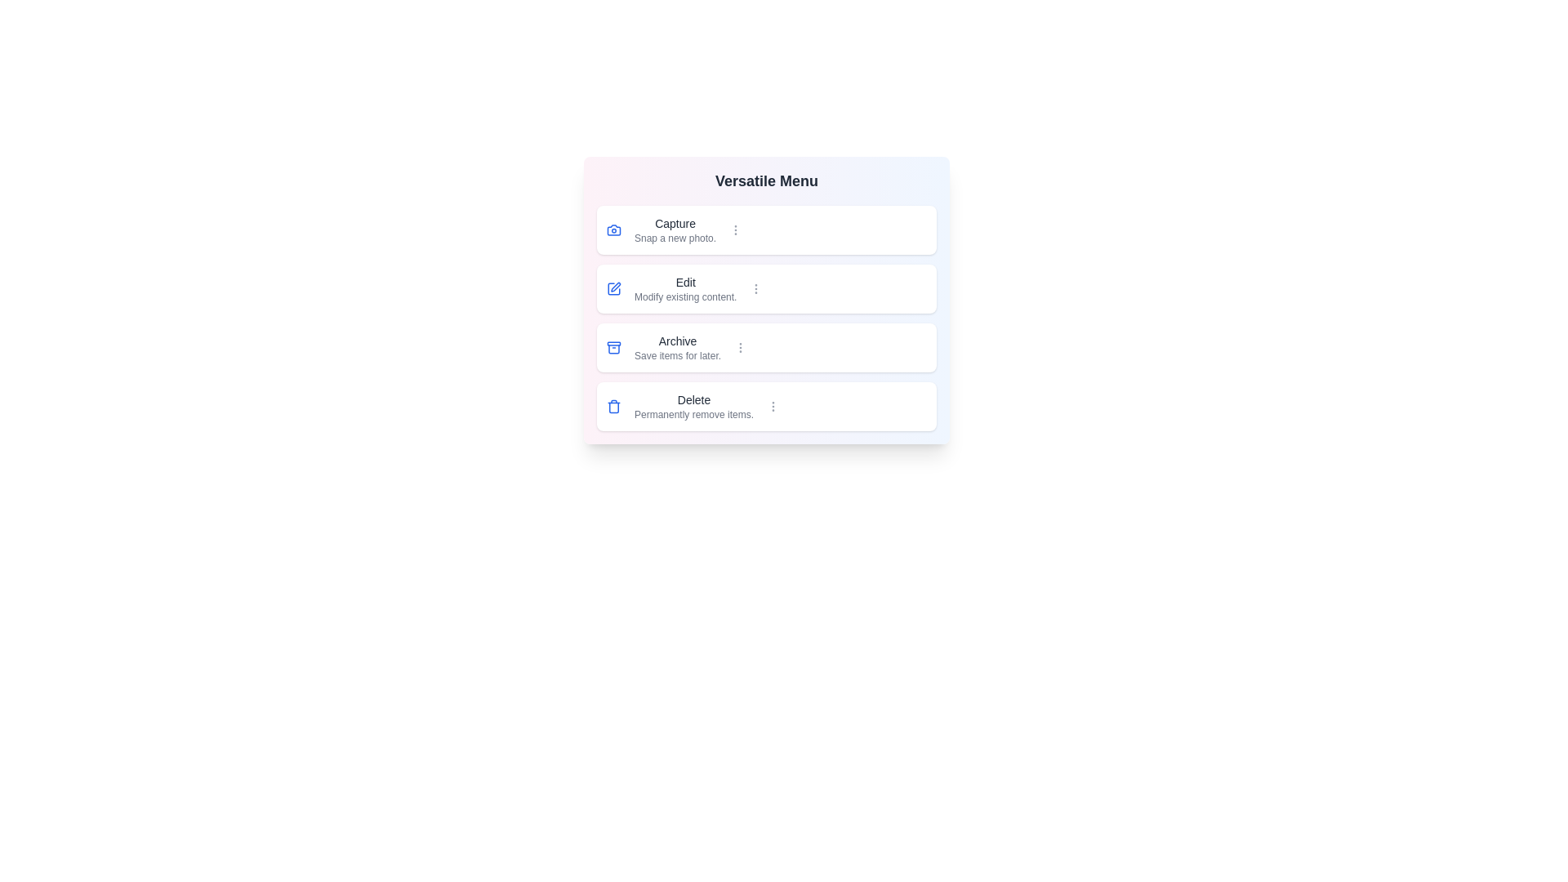  I want to click on the ellipsis icon of the menu item corresponding to Delete, so click(773, 405).